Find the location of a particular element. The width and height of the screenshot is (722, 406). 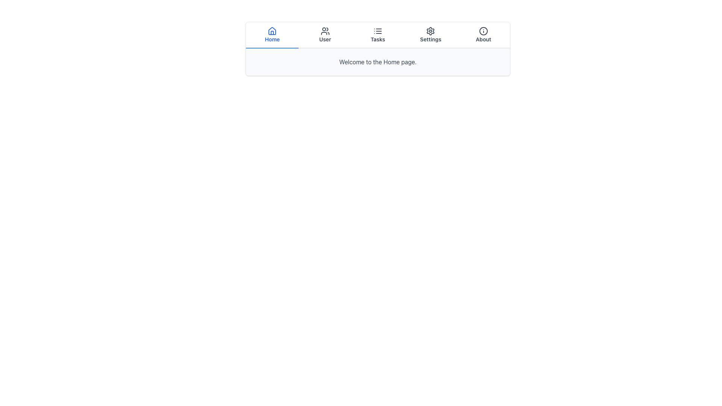

the 'Settings' text label in the header navigation menu is located at coordinates (431, 39).